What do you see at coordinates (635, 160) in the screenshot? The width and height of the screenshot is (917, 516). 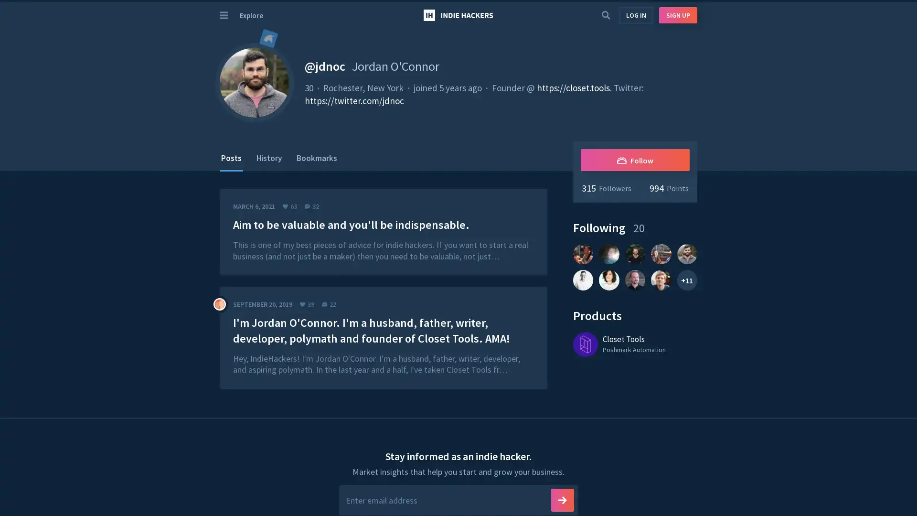 I see `Follow` at bounding box center [635, 160].